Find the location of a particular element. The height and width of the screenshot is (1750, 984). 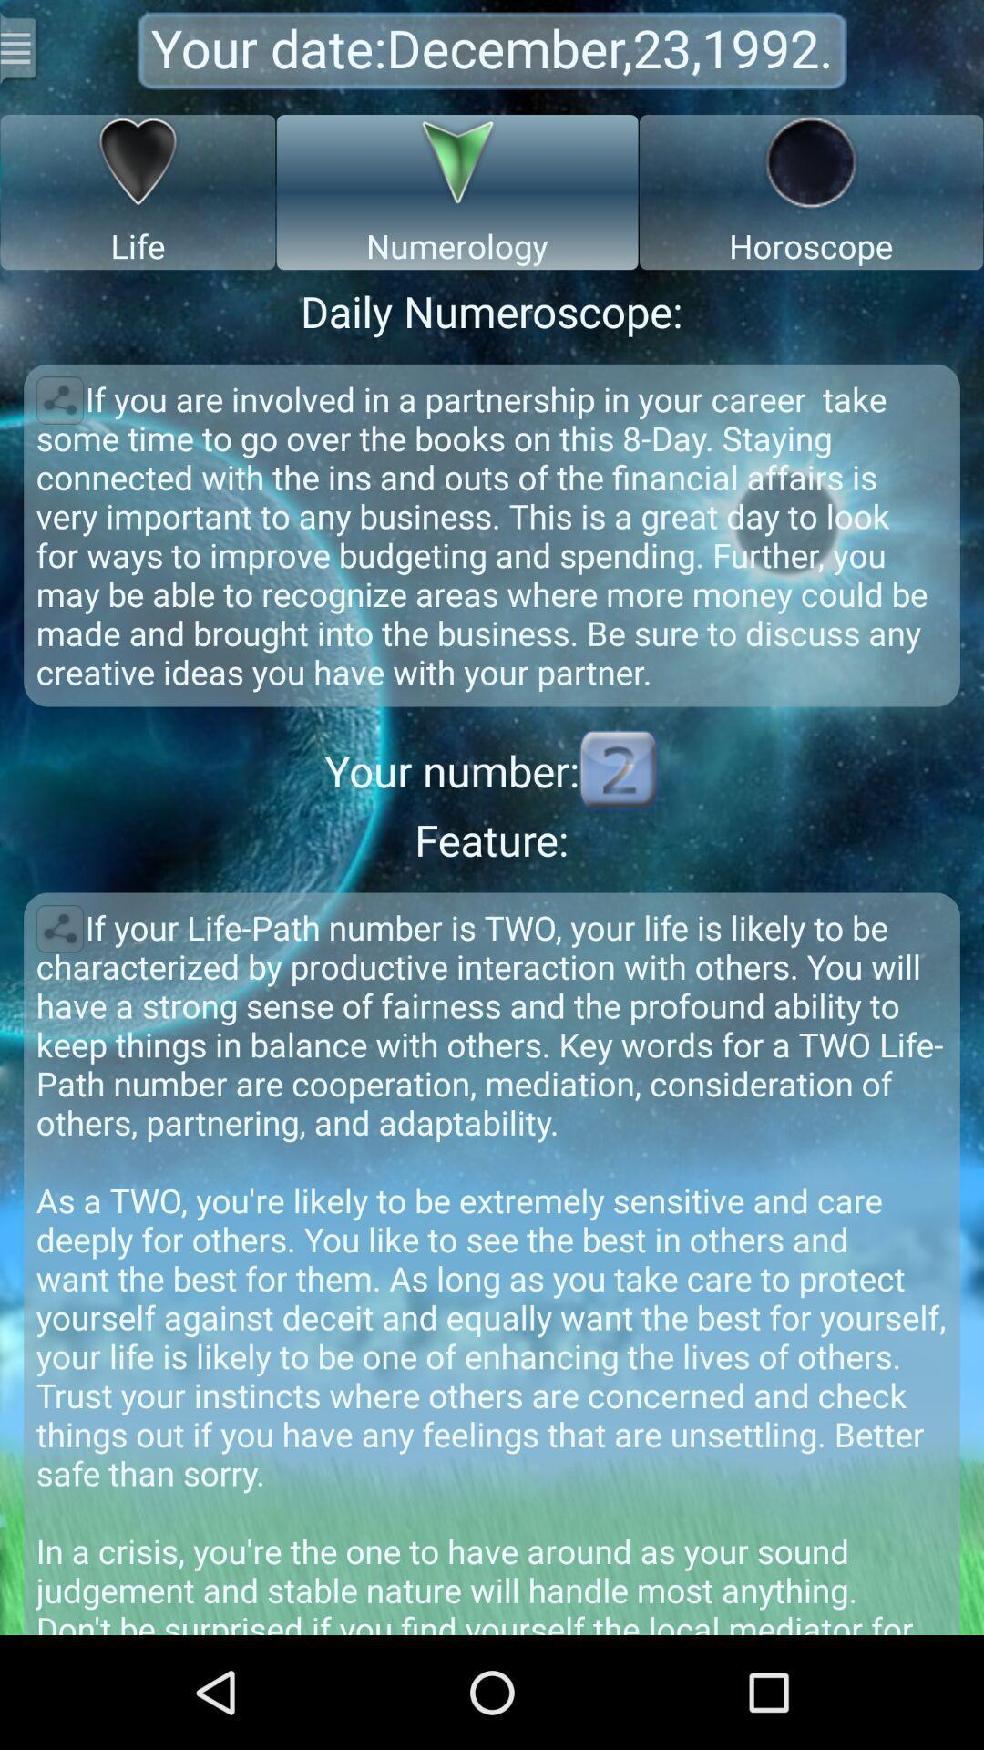

menu is located at coordinates (20, 47).